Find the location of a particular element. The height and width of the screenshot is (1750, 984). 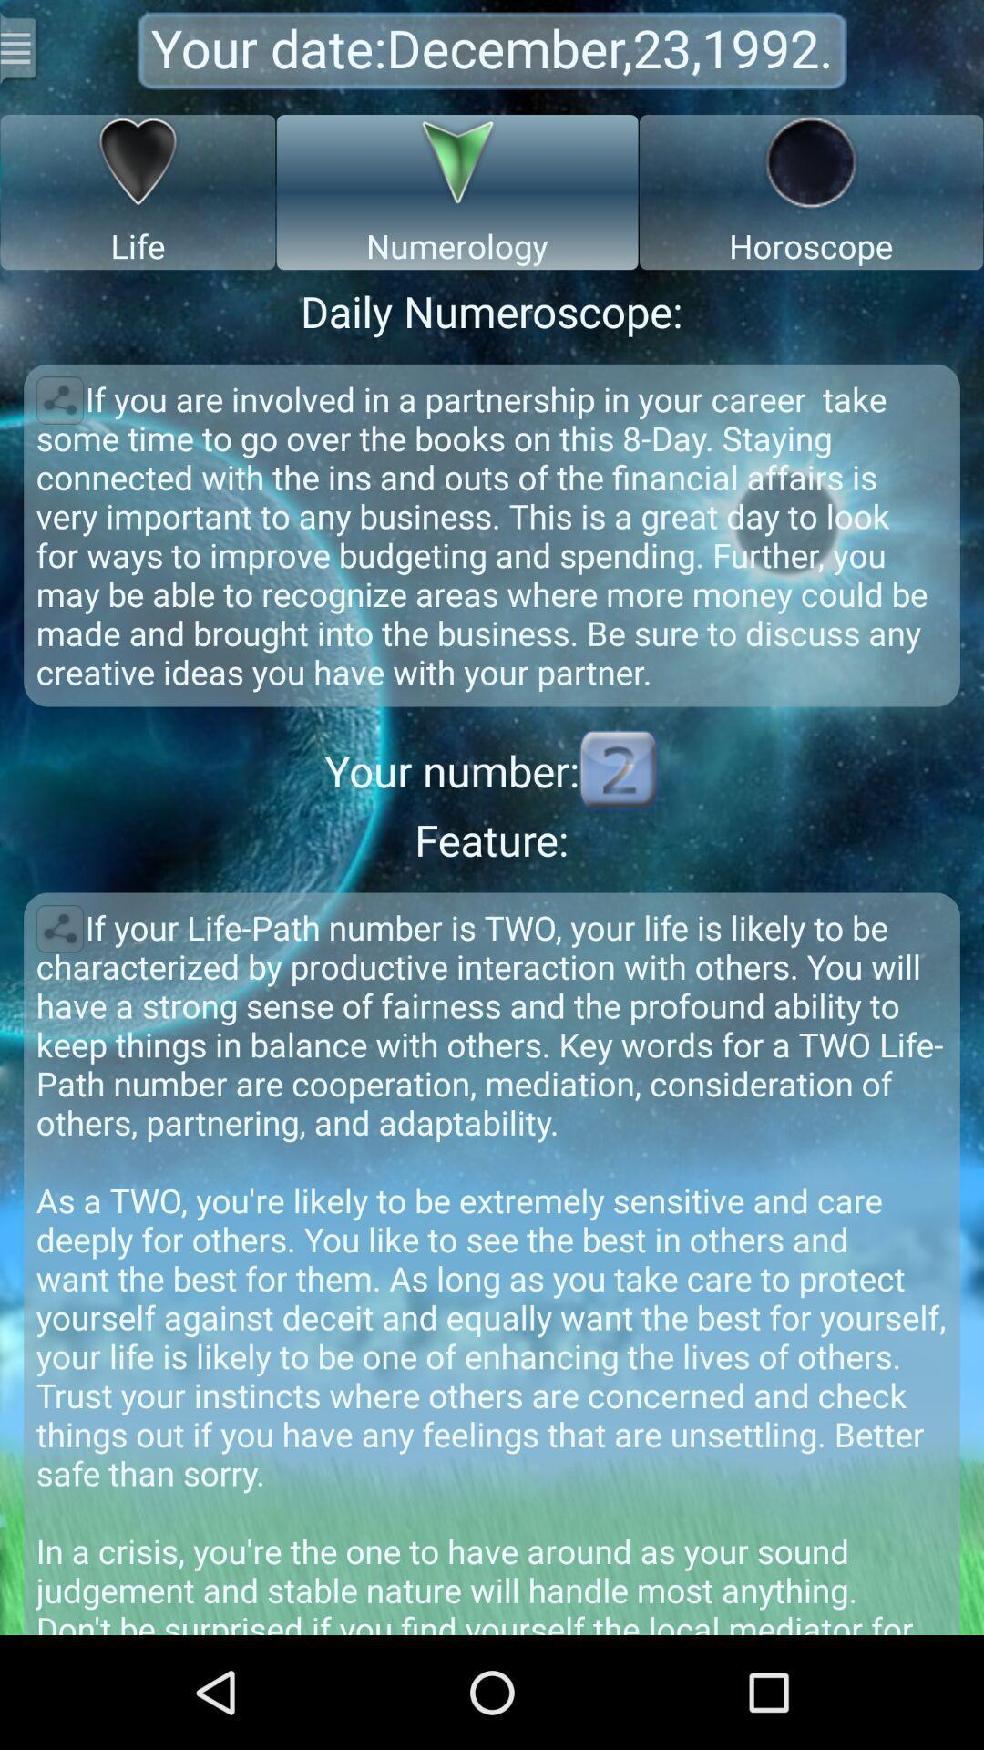

menu is located at coordinates (20, 47).